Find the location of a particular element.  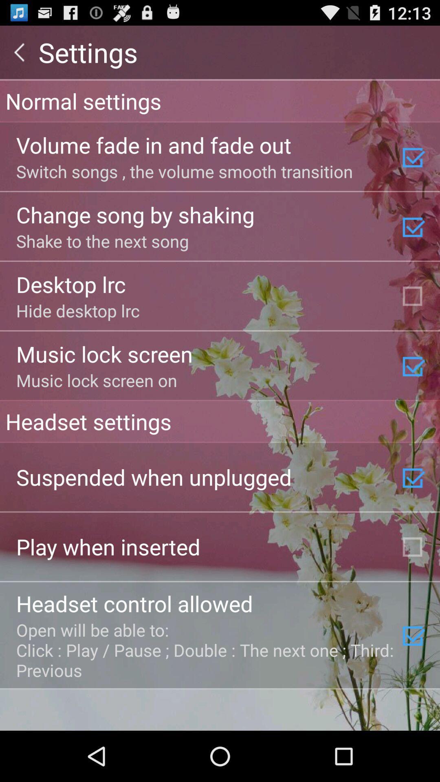

item above suspended when unplugged item is located at coordinates (220, 421).